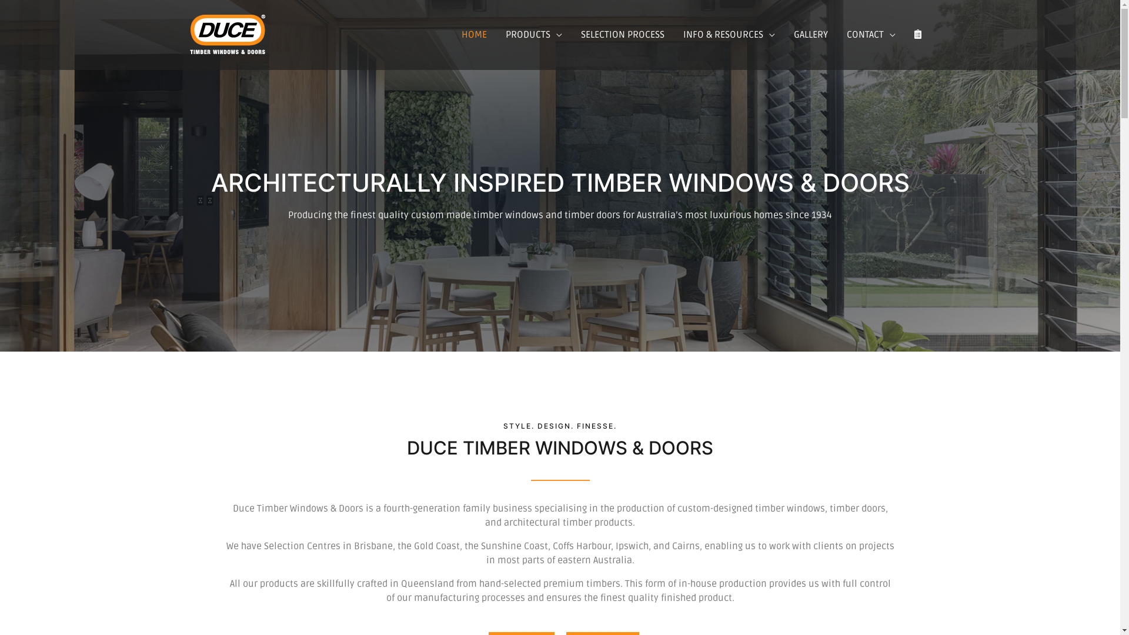 The width and height of the screenshot is (1129, 635). What do you see at coordinates (533, 34) in the screenshot?
I see `'PRODUCTS'` at bounding box center [533, 34].